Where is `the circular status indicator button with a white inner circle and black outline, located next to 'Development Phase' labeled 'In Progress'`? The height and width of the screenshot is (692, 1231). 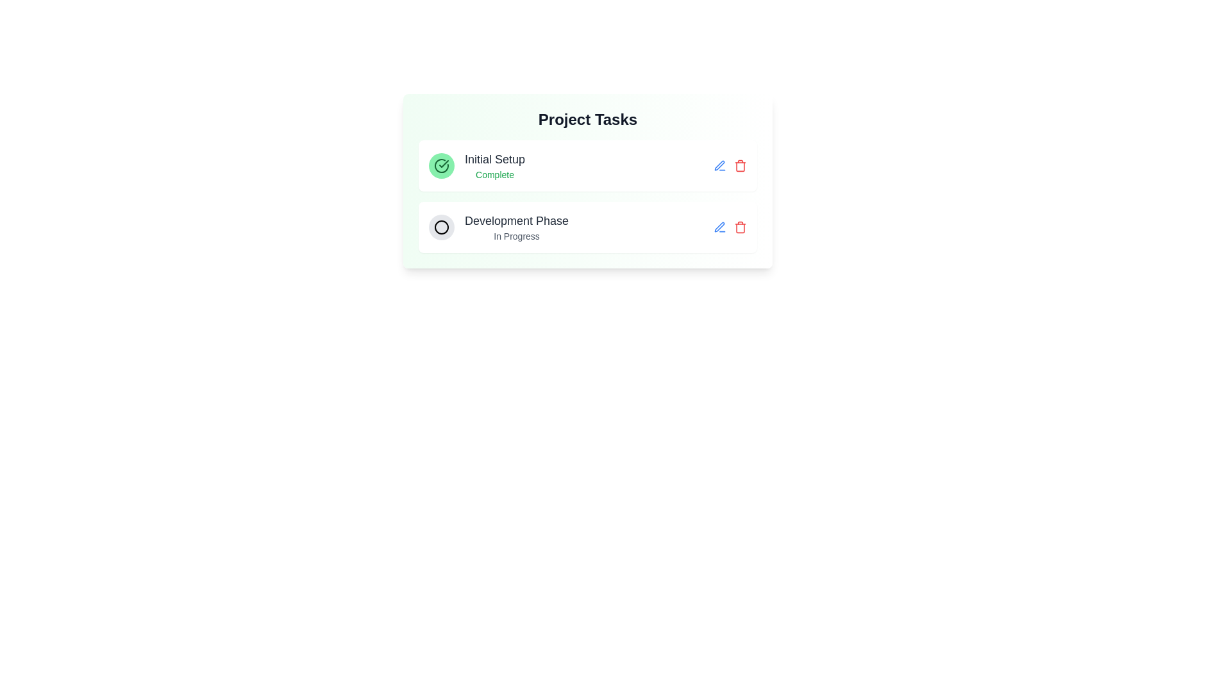
the circular status indicator button with a white inner circle and black outline, located next to 'Development Phase' labeled 'In Progress' is located at coordinates (442, 226).